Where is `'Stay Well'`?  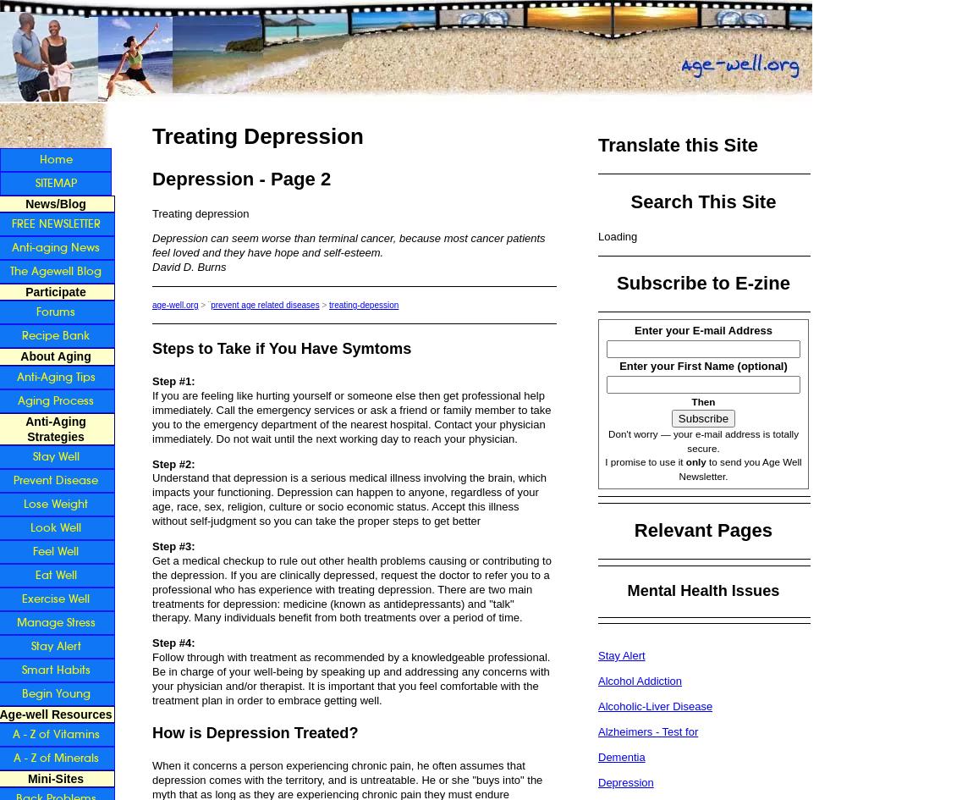 'Stay Well' is located at coordinates (54, 455).